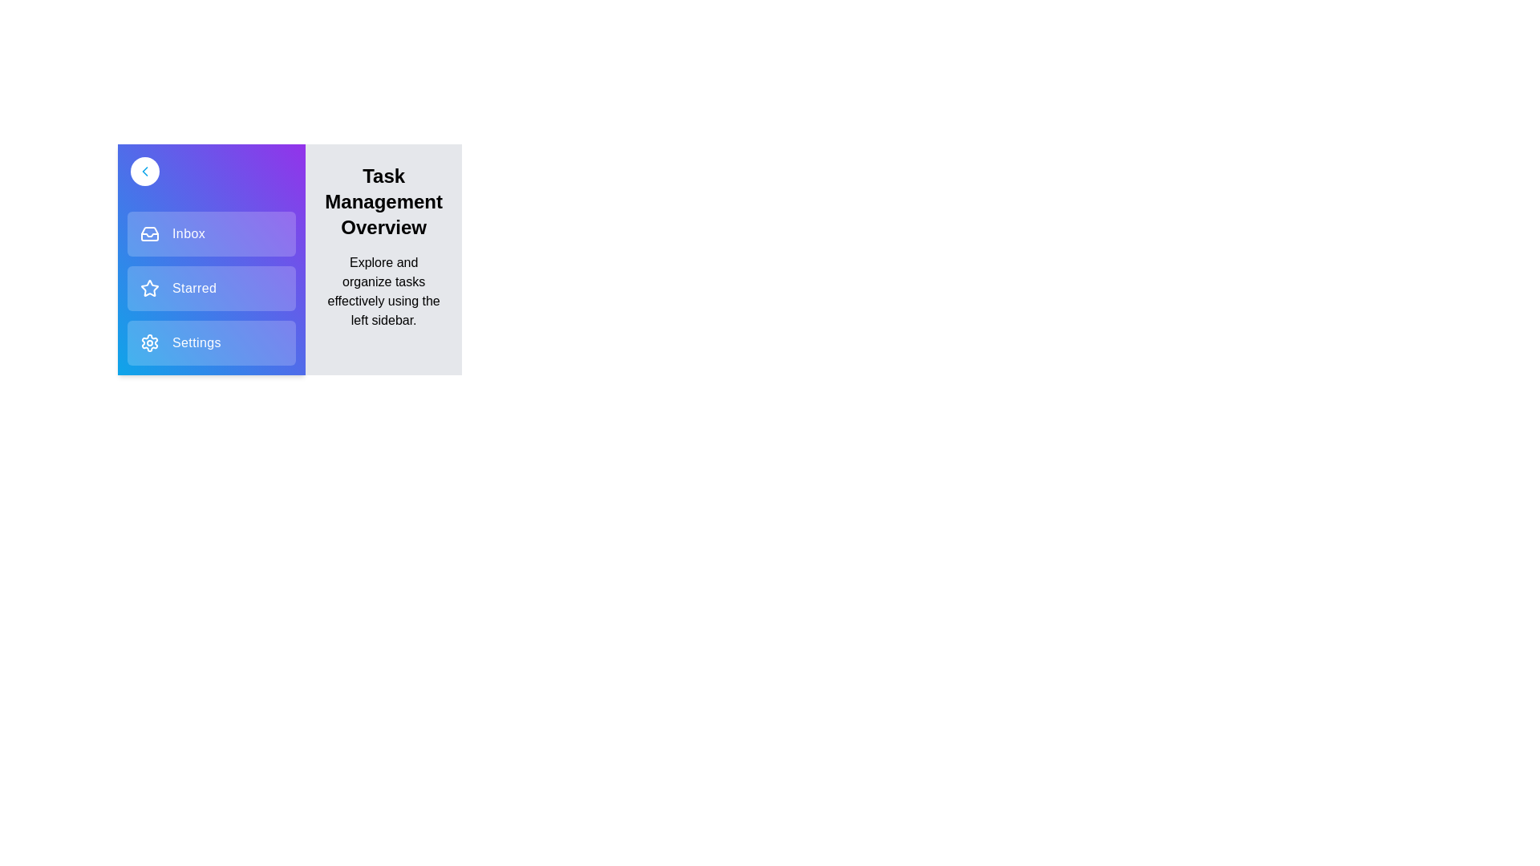  Describe the element at coordinates (211, 234) in the screenshot. I see `the 'Inbox' item in the sidebar` at that location.